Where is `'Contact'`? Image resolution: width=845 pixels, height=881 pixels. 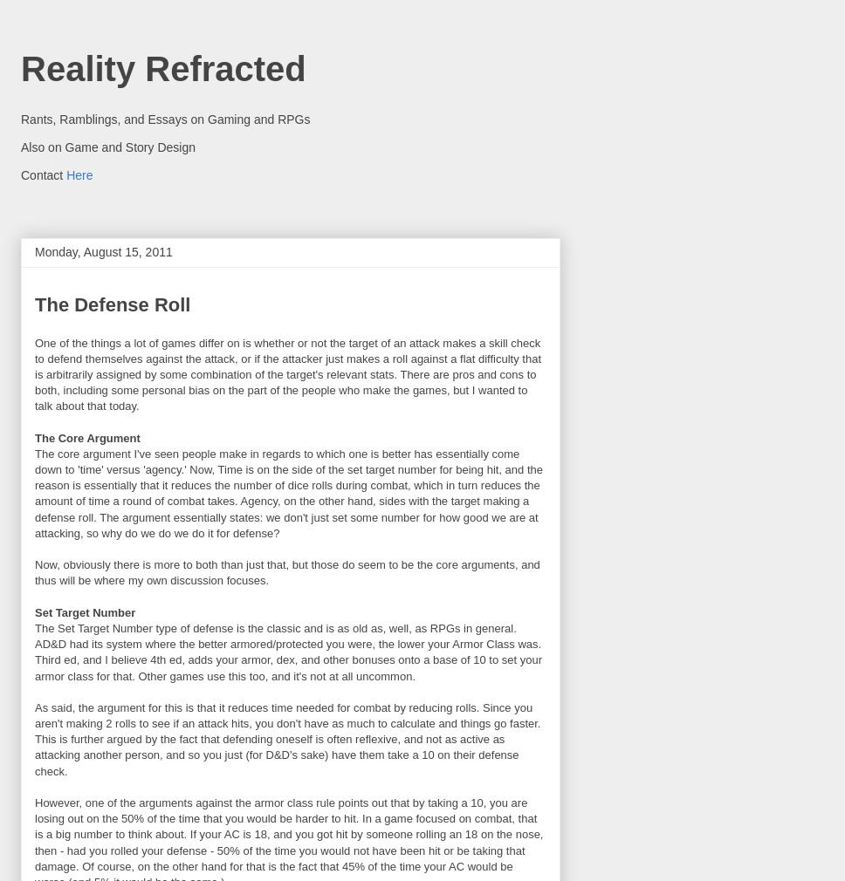
'Contact' is located at coordinates (43, 173).